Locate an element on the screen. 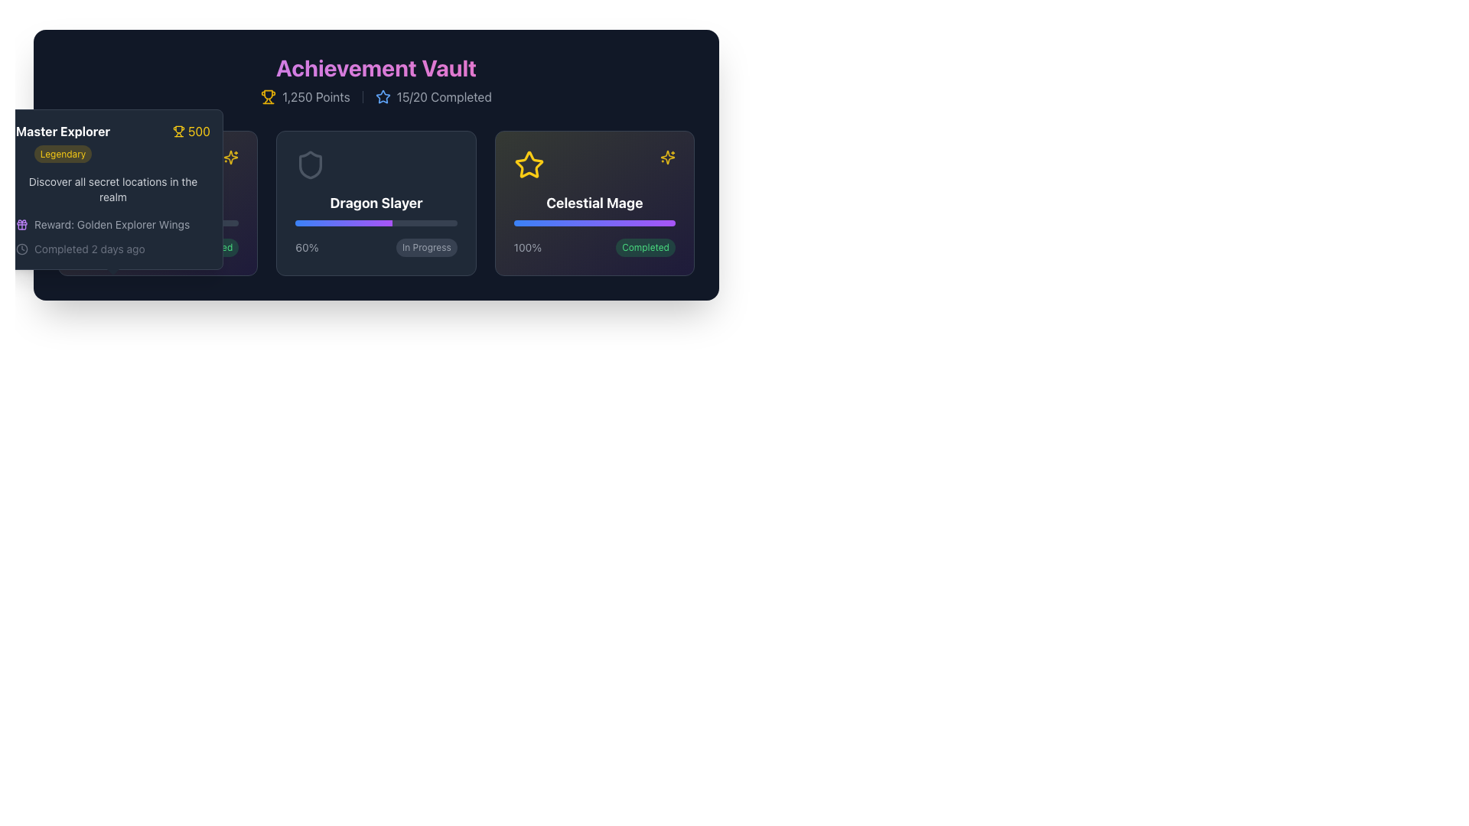 This screenshot has width=1469, height=826. the tooltip styled box providing information about the 'Master Explorer' achievement, which features a dark background and rounded corners is located at coordinates (158, 203).